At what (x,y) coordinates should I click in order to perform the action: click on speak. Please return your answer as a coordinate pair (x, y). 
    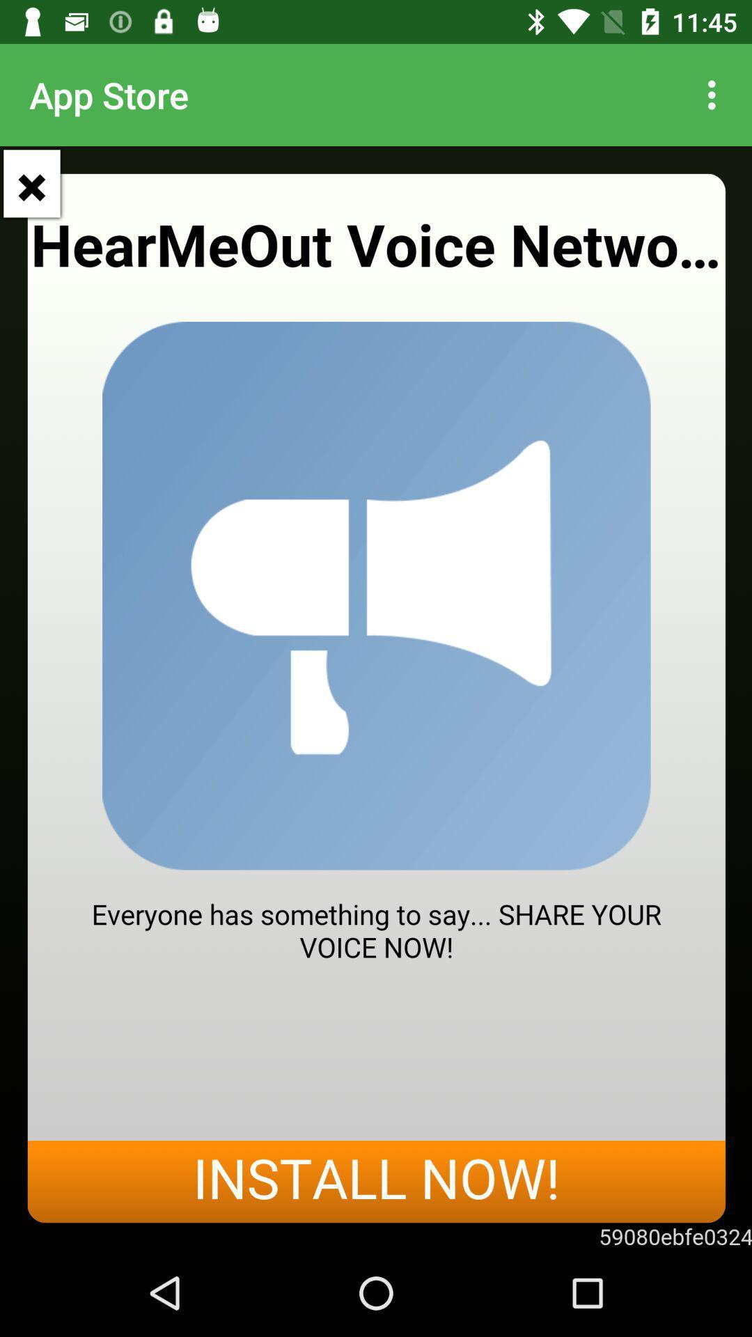
    Looking at the image, I should click on (376, 698).